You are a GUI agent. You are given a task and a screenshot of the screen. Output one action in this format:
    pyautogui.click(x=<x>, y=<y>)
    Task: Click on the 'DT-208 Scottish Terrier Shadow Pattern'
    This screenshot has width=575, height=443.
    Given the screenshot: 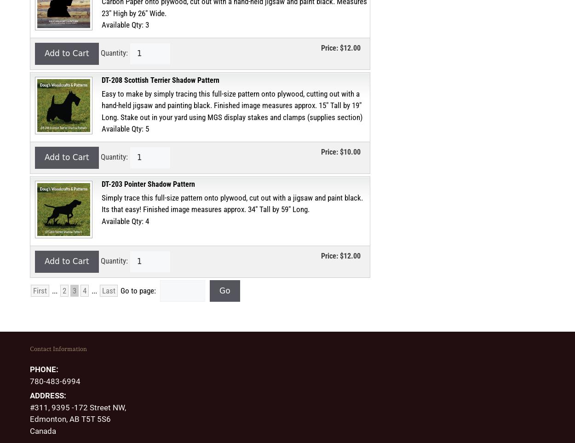 What is the action you would take?
    pyautogui.click(x=160, y=80)
    